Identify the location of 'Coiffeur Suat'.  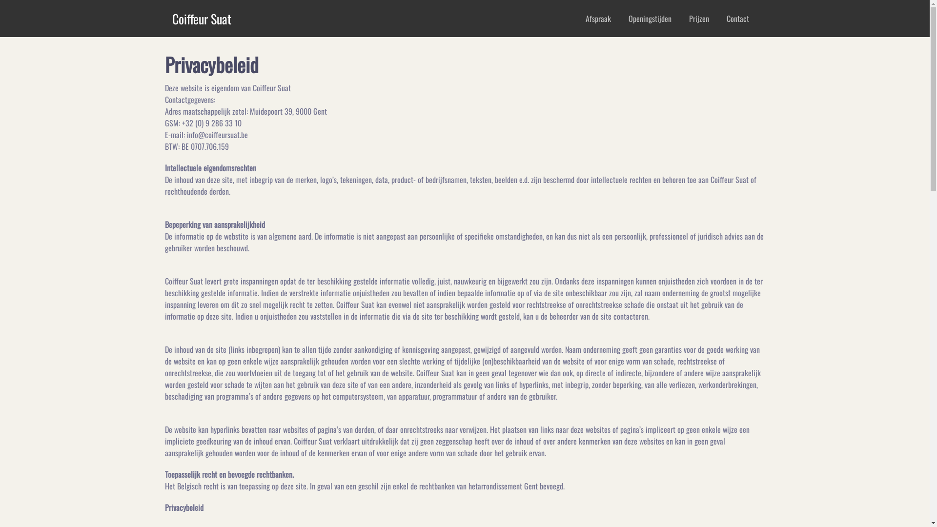
(201, 18).